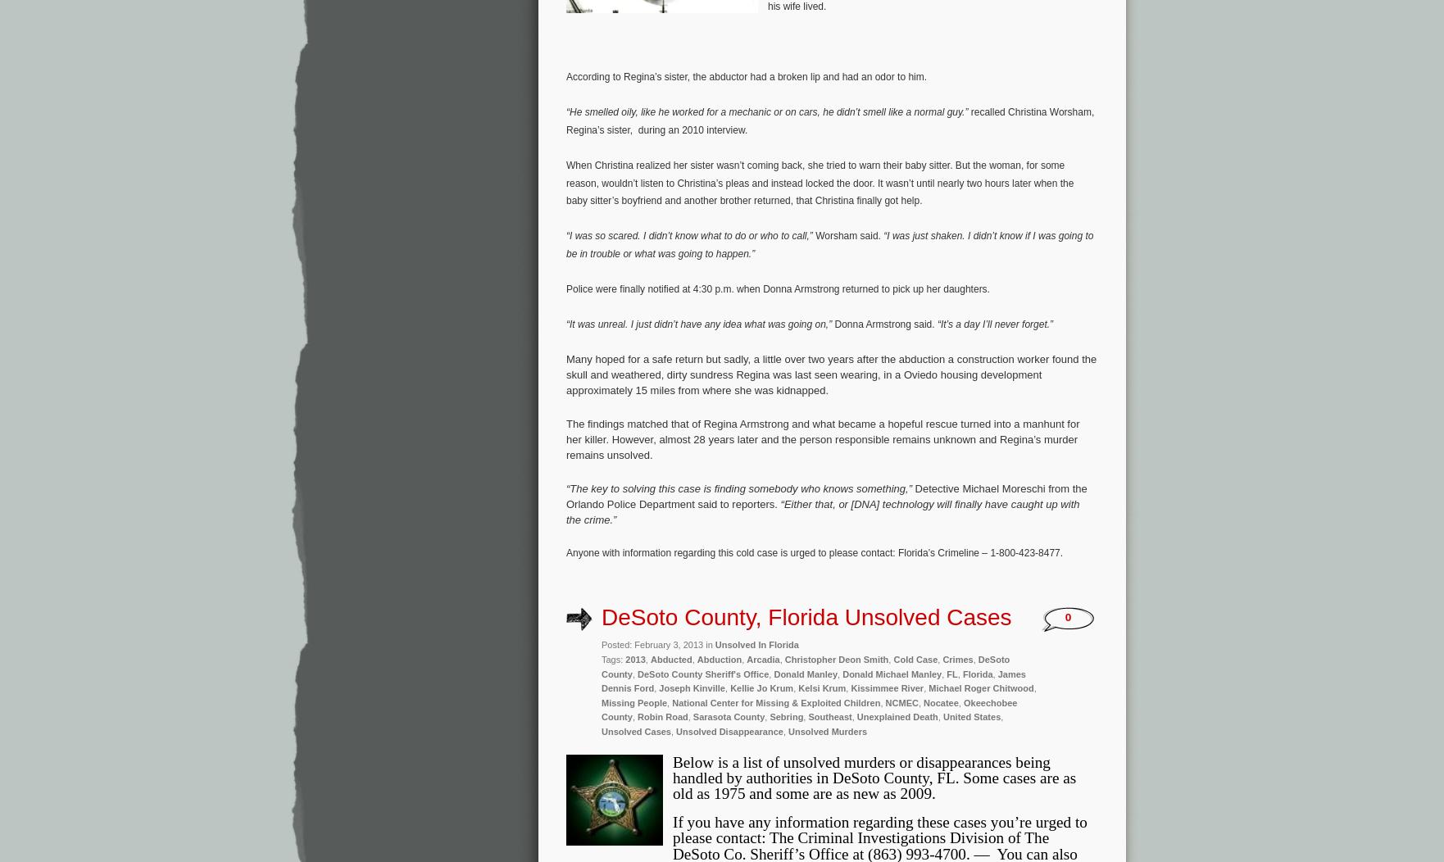 Image resolution: width=1444 pixels, height=862 pixels. What do you see at coordinates (993, 323) in the screenshot?
I see `'“It’s a day I’ll never forget.”'` at bounding box center [993, 323].